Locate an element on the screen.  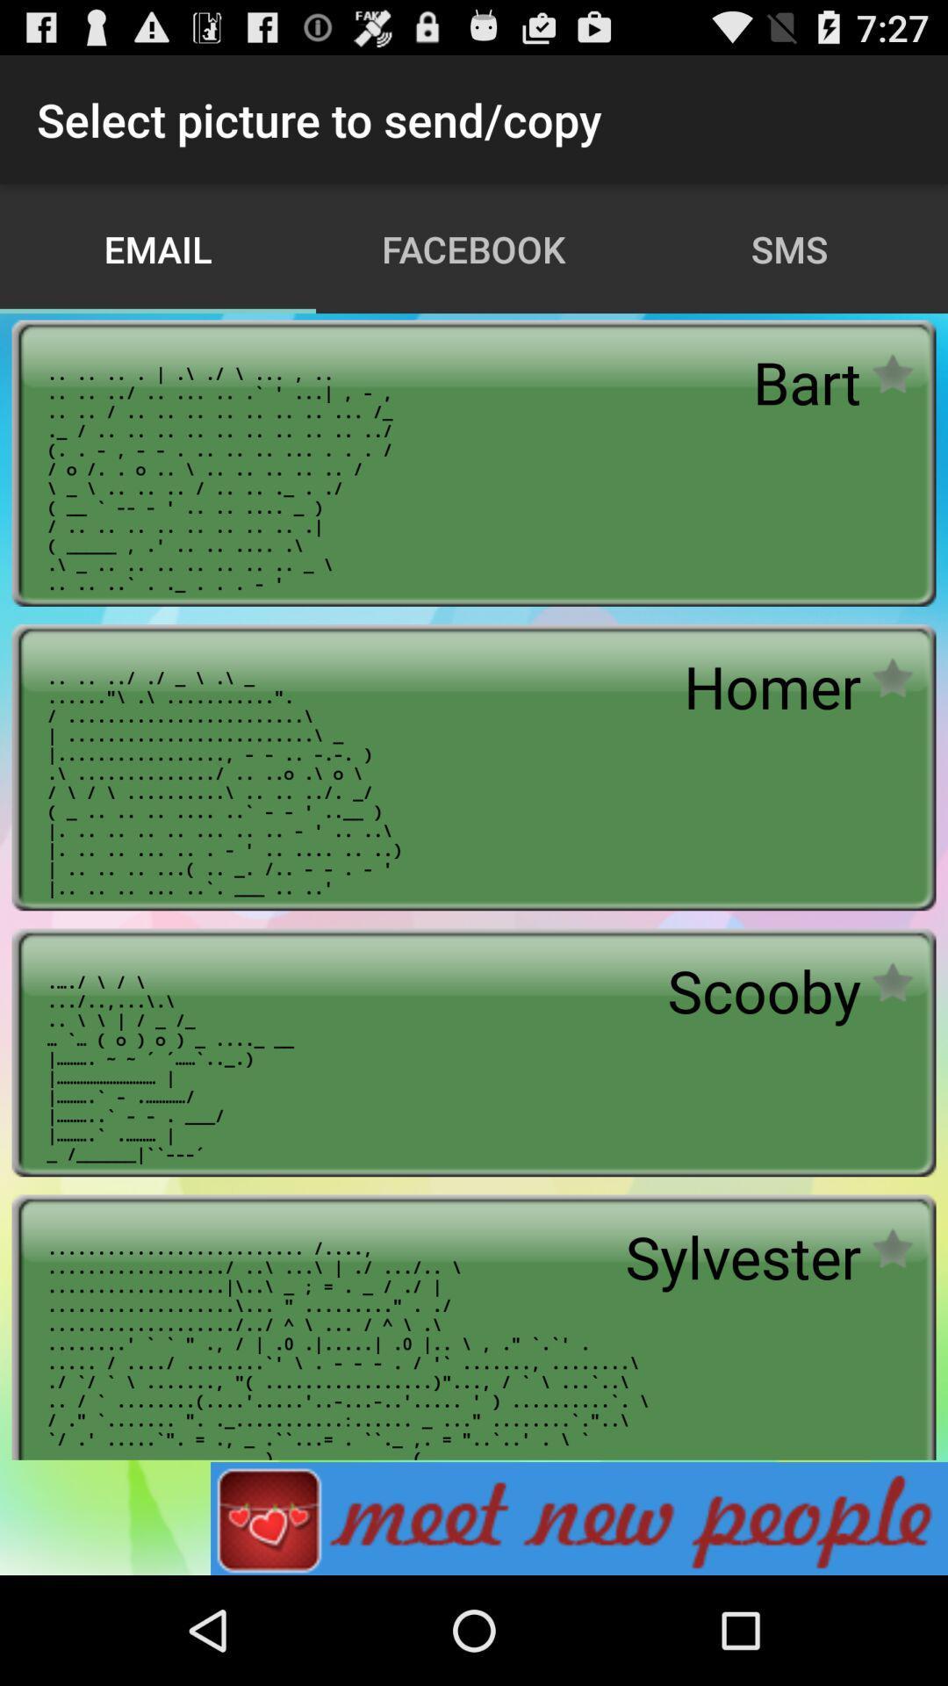
press meet new people is located at coordinates (578, 1517).